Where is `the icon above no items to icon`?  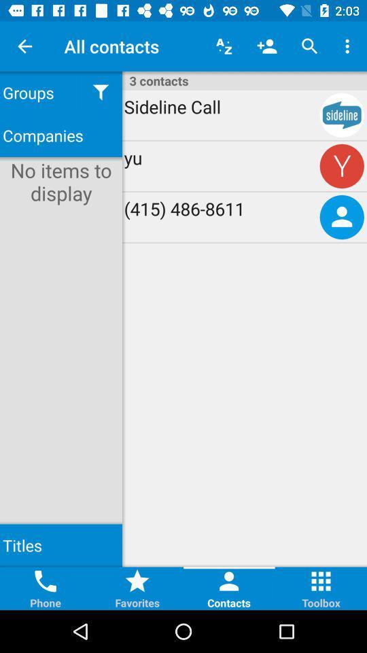 the icon above no items to icon is located at coordinates (60, 135).